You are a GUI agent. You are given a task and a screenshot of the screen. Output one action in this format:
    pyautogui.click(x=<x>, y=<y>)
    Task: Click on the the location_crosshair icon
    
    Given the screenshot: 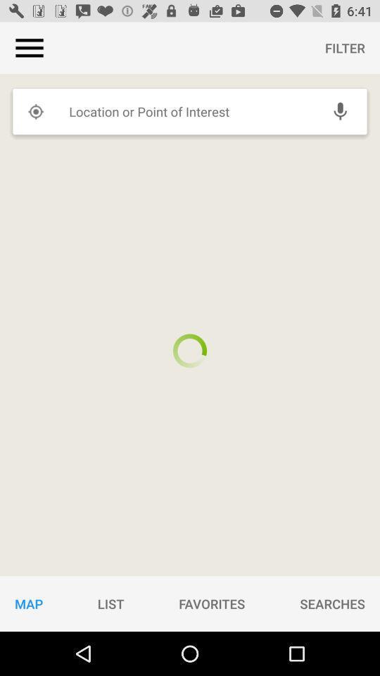 What is the action you would take?
    pyautogui.click(x=35, y=111)
    